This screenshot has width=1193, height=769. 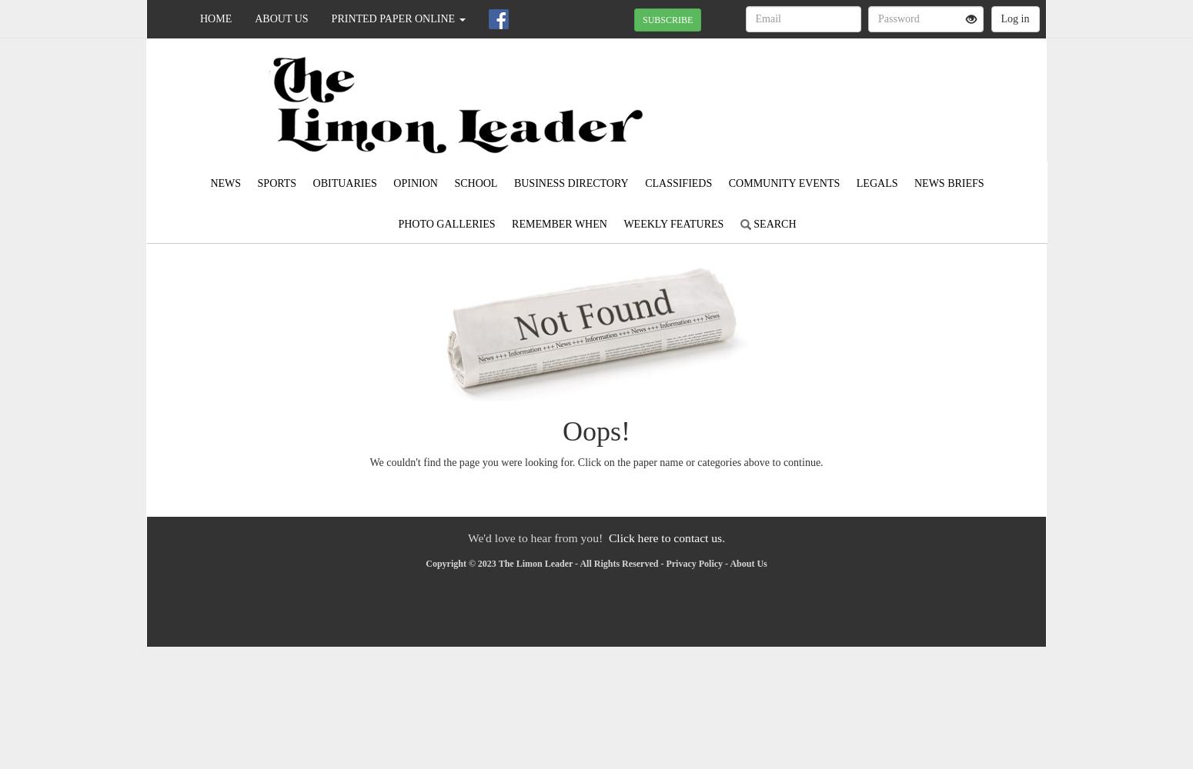 What do you see at coordinates (570, 182) in the screenshot?
I see `'Business Directory'` at bounding box center [570, 182].